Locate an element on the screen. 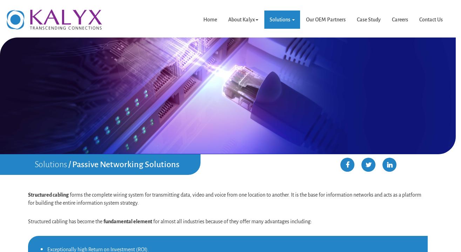  'Contact Us' is located at coordinates (431, 19).